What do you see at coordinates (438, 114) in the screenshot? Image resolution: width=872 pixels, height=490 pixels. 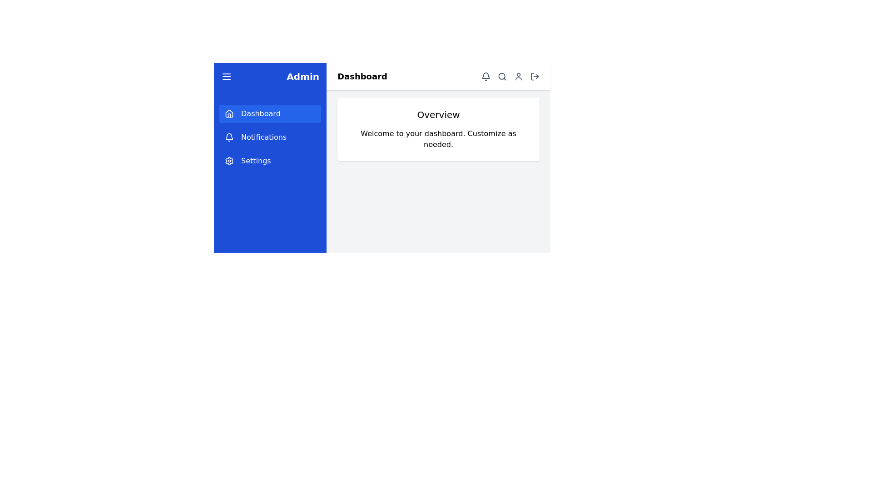 I see `text label displaying 'Overview' which is located at the top center of a card component with a white background` at bounding box center [438, 114].